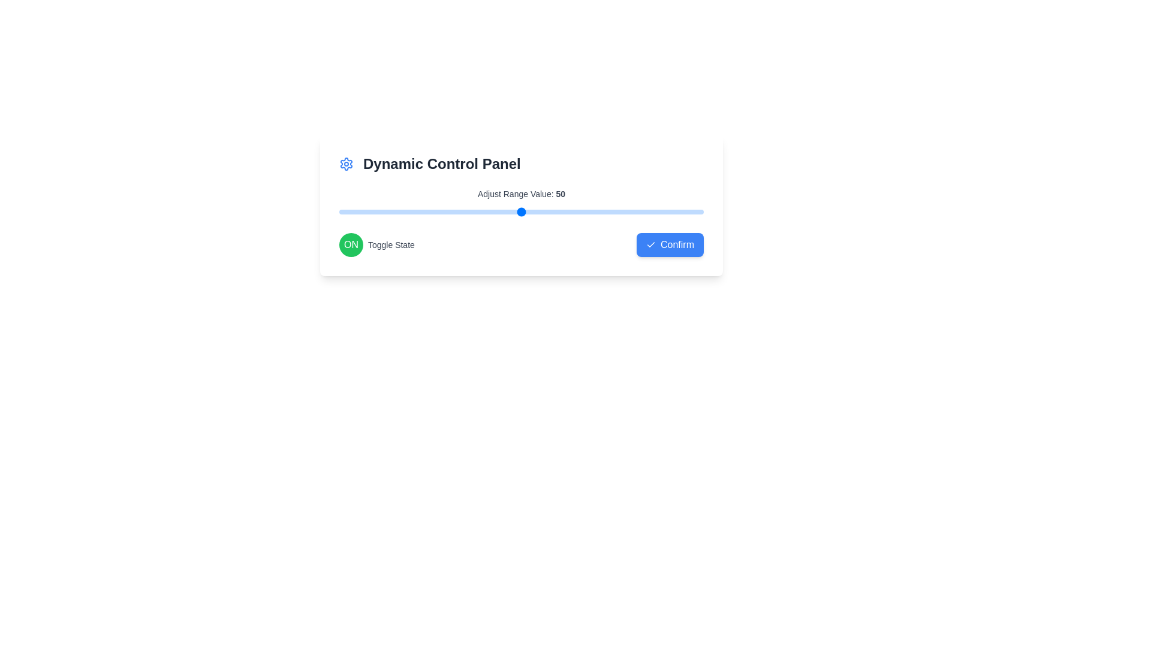 This screenshot has width=1151, height=647. I want to click on the range value, so click(360, 211).